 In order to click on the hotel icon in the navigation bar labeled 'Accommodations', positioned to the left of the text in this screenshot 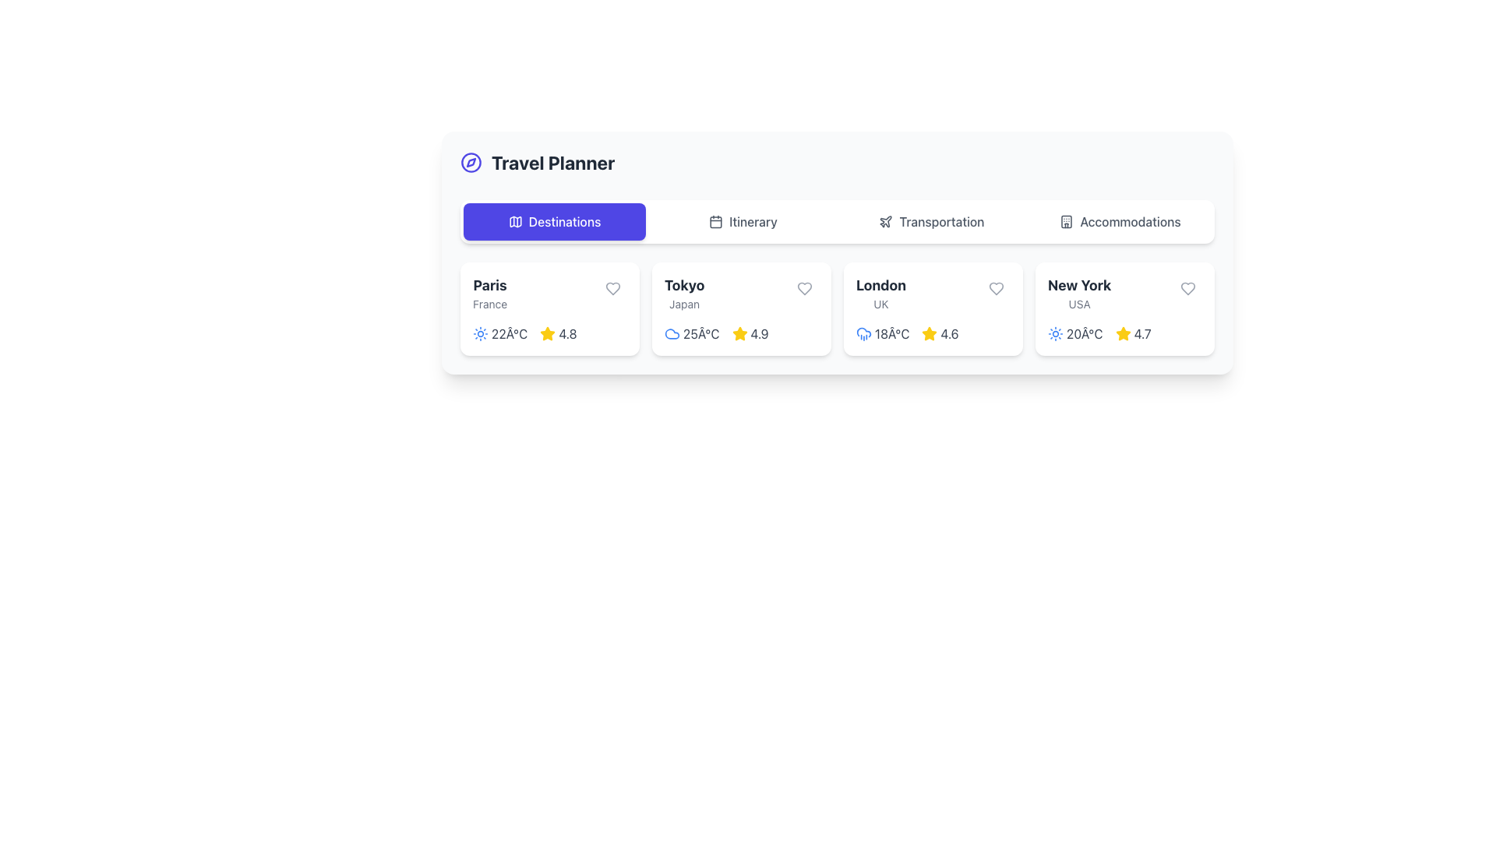, I will do `click(1066, 222)`.